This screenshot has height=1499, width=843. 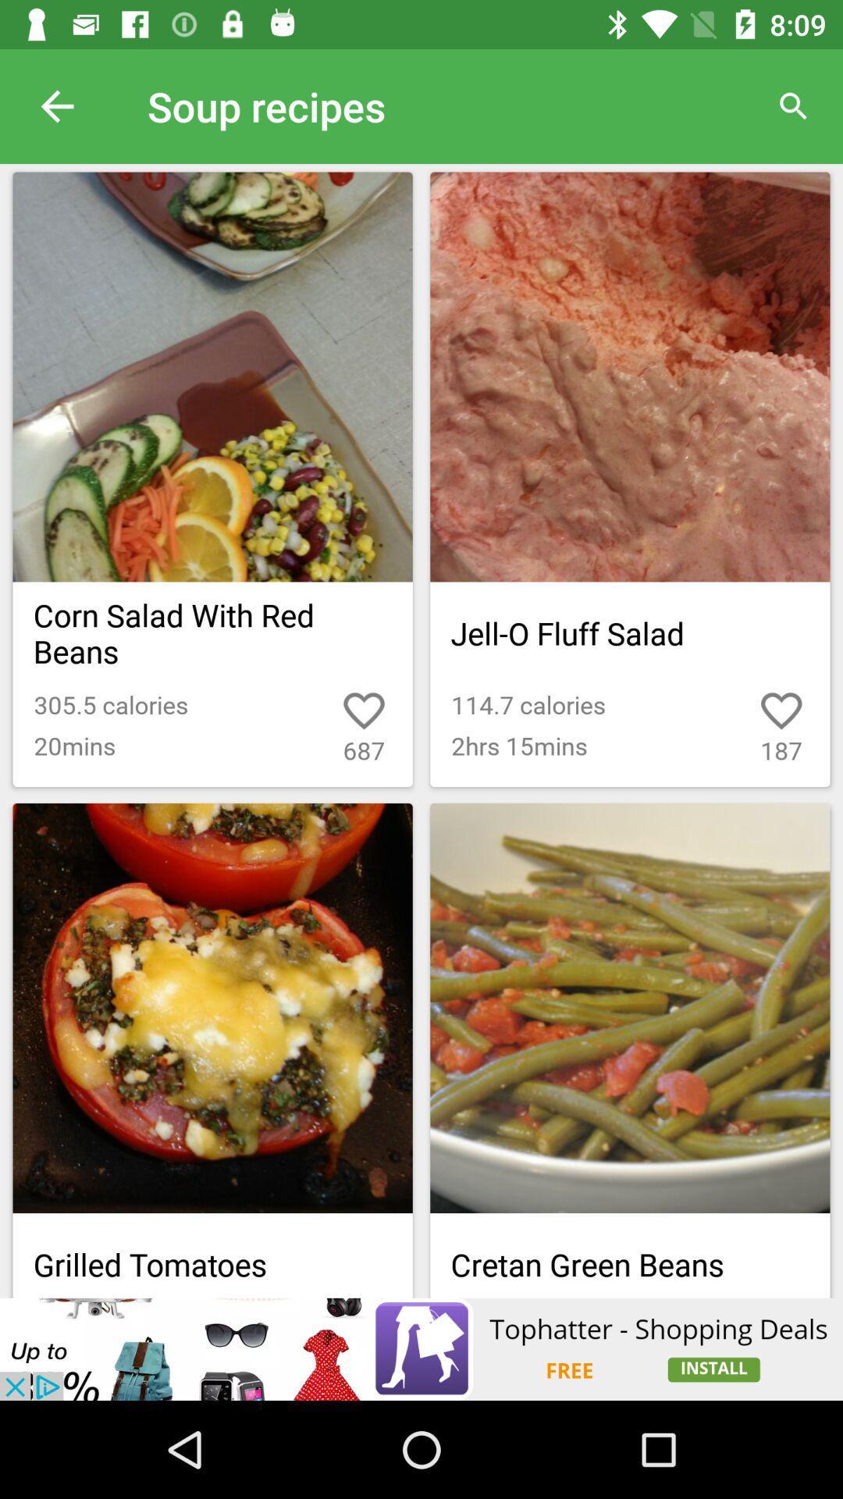 I want to click on the menu icon, so click(x=745, y=1201).